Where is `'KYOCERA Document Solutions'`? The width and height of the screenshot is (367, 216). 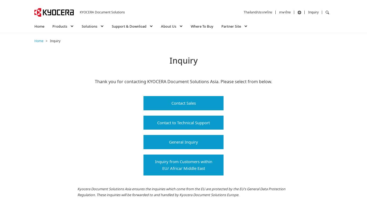
'KYOCERA Document Solutions' is located at coordinates (102, 12).